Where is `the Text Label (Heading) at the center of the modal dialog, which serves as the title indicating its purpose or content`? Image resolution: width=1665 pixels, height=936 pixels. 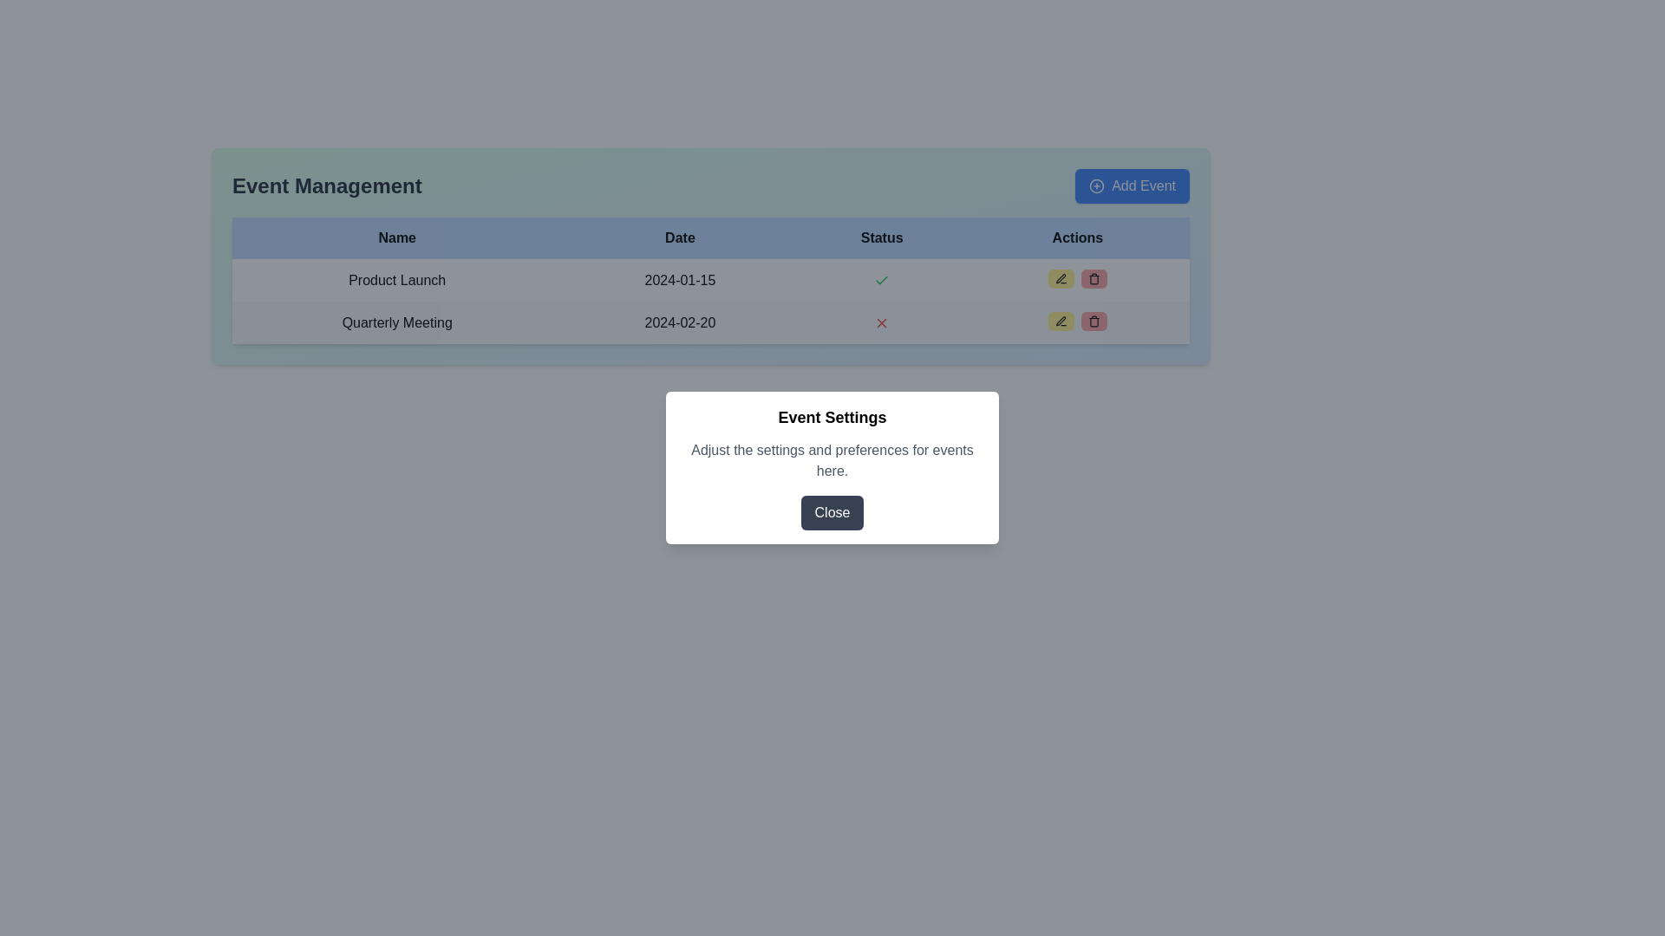
the Text Label (Heading) at the center of the modal dialog, which serves as the title indicating its purpose or content is located at coordinates (832, 418).